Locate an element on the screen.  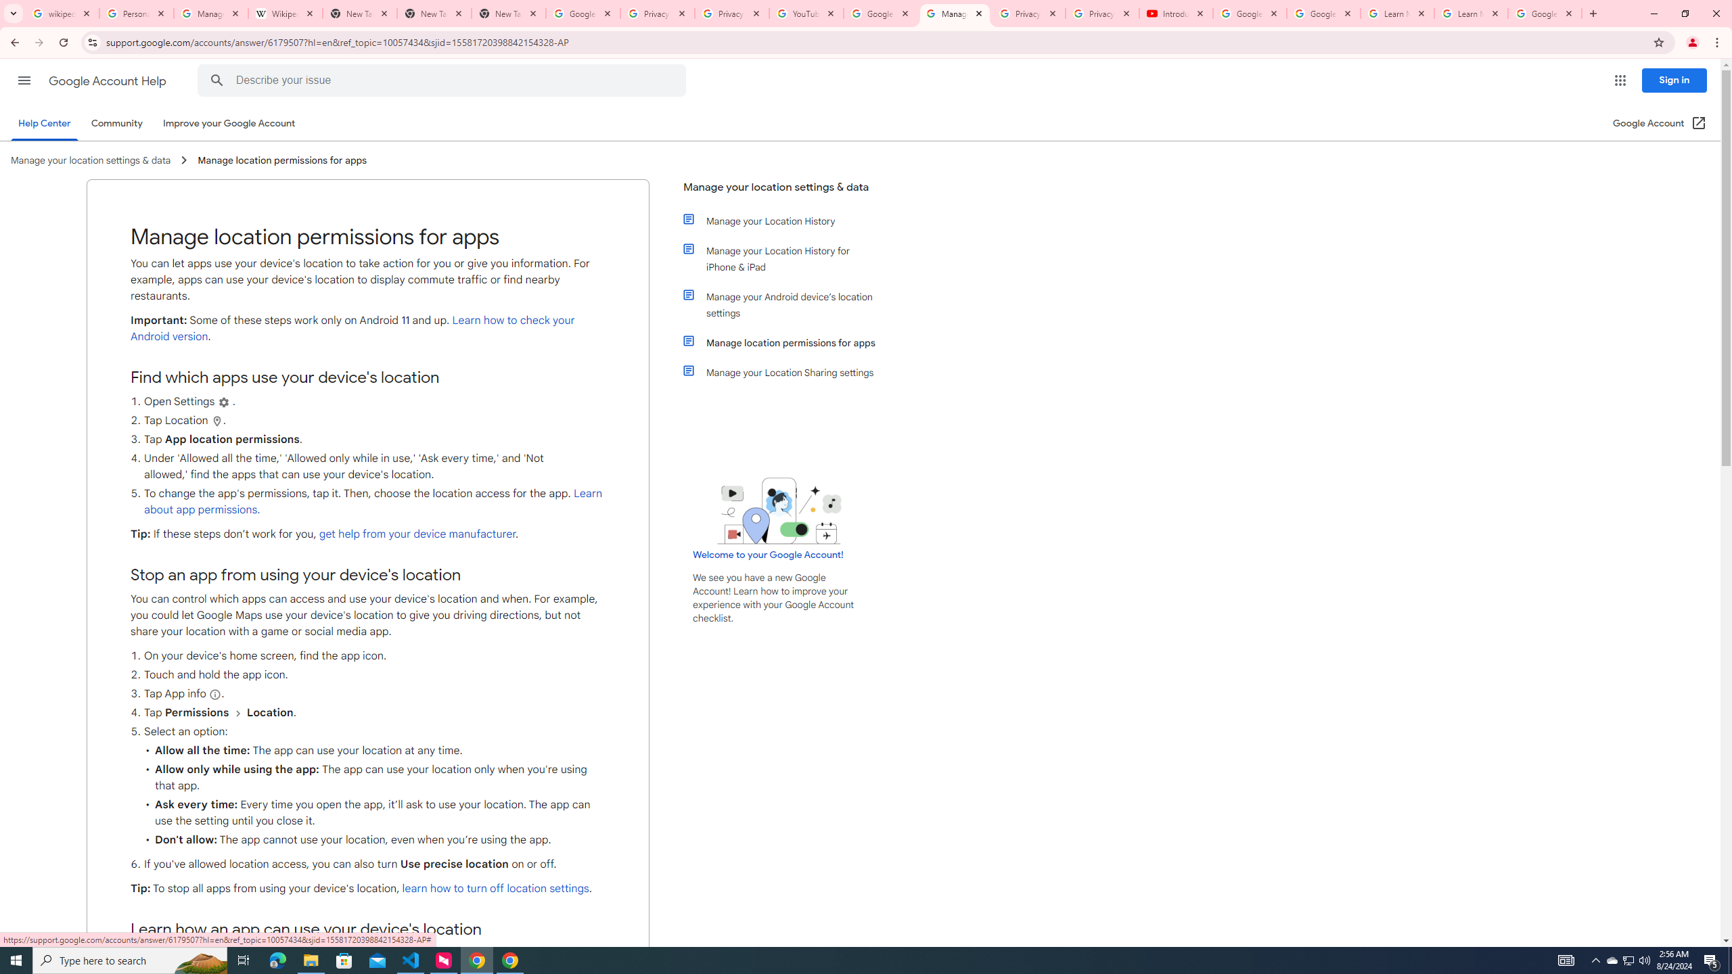
'Learn about app permissions.' is located at coordinates (372, 502).